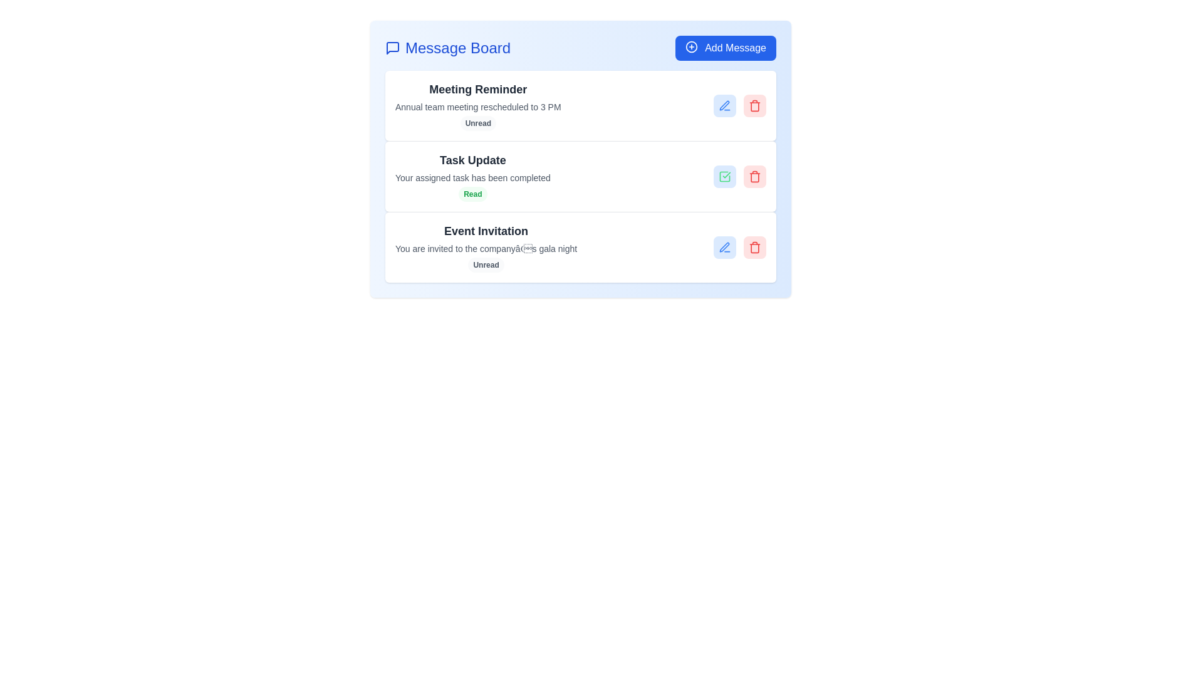 The height and width of the screenshot is (677, 1203). I want to click on the blue pen icon button located on the far right of the first item in the vertical list of entries, adjacent to the 'Meeting Reminder' title to initiate edit mode, so click(724, 105).